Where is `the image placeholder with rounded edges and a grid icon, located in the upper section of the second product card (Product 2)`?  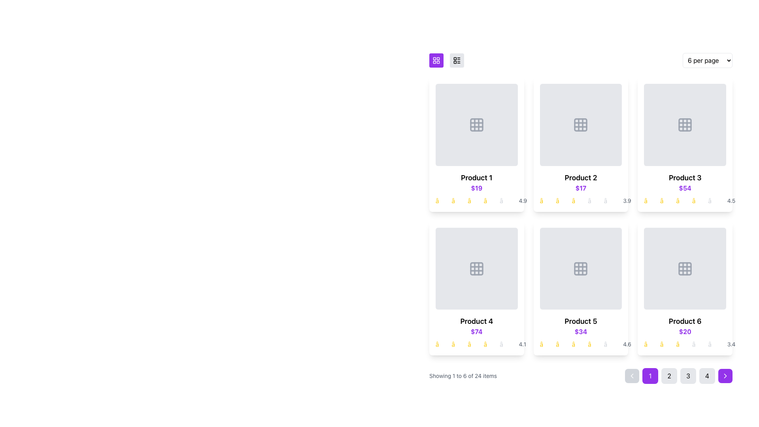 the image placeholder with rounded edges and a grid icon, located in the upper section of the second product card (Product 2) is located at coordinates (581, 125).